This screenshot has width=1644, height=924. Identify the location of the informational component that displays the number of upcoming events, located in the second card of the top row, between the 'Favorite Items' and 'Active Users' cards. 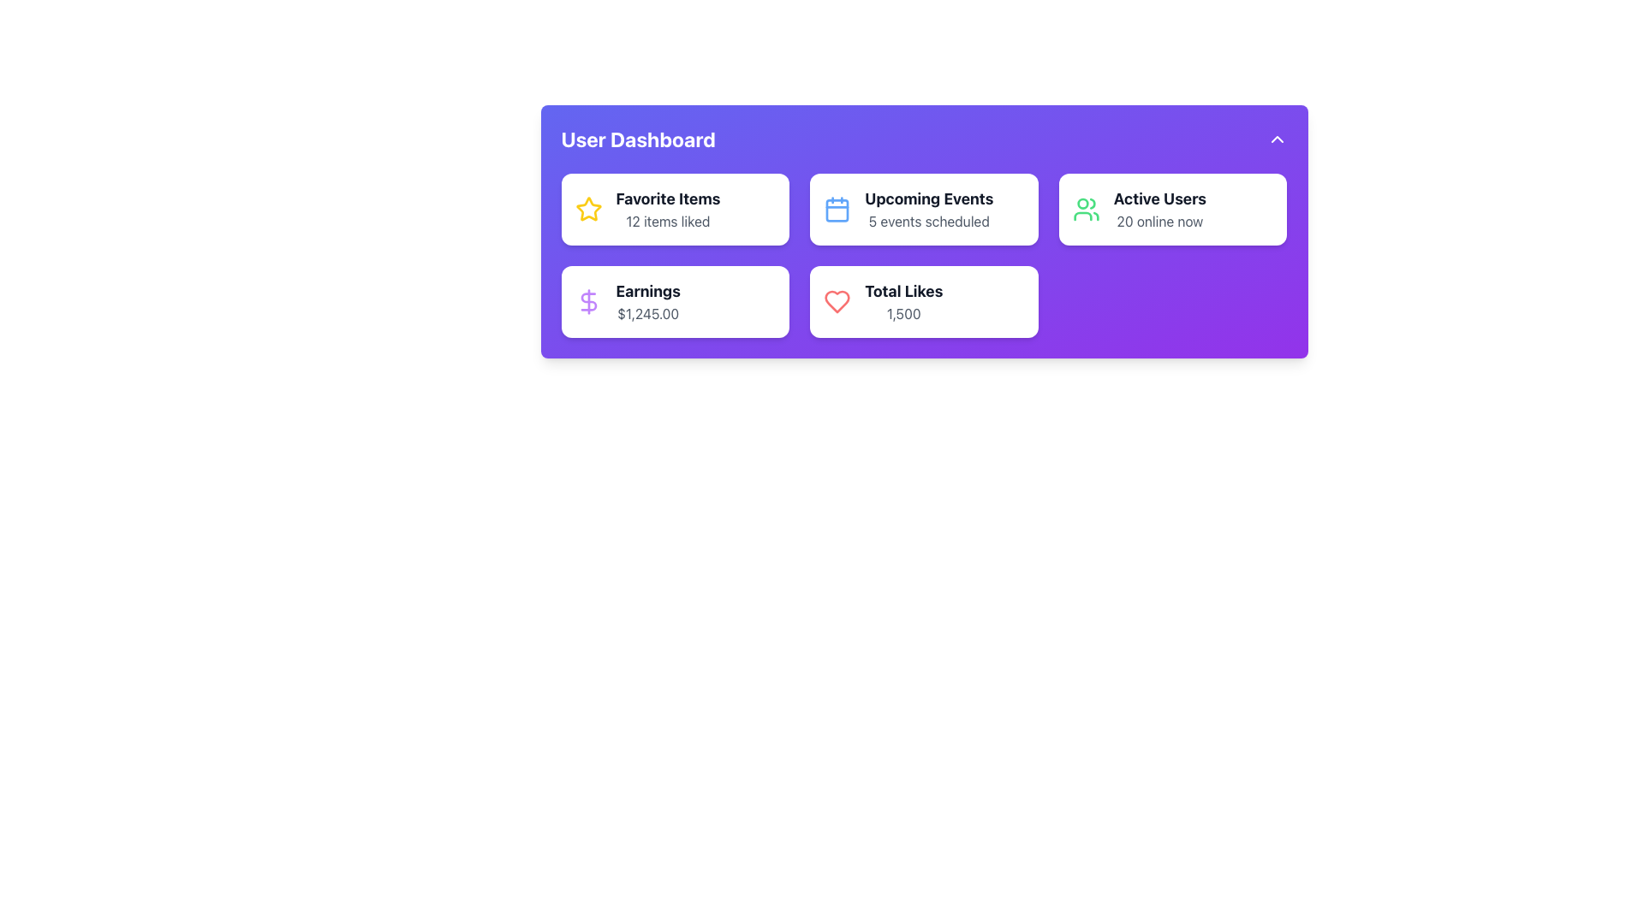
(928, 209).